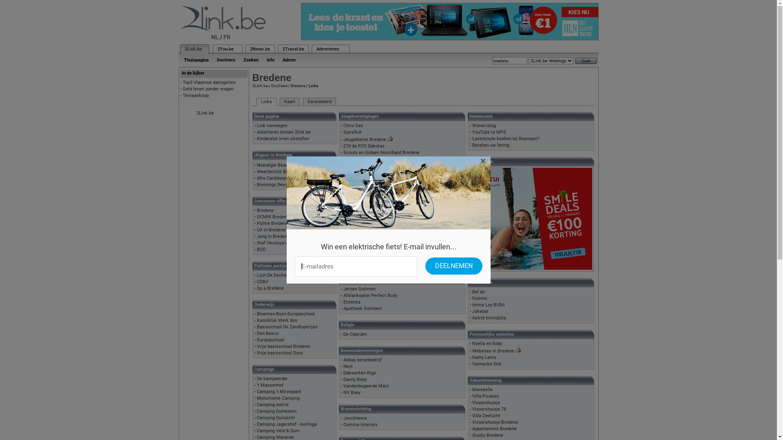  I want to click on 'Danny Boey', so click(355, 379).